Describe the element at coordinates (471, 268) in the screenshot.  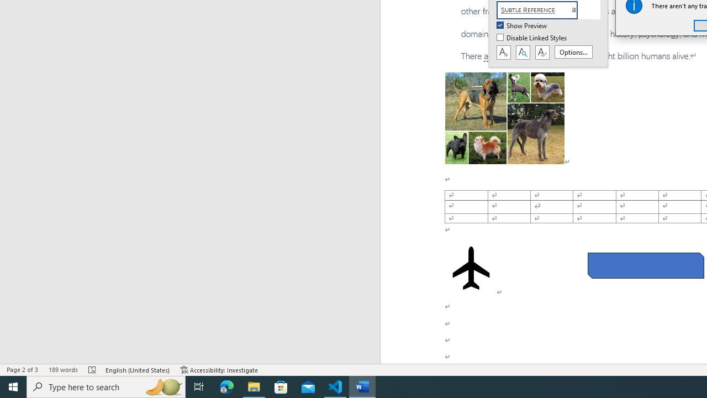
I see `'Airplane with solid fill'` at that location.